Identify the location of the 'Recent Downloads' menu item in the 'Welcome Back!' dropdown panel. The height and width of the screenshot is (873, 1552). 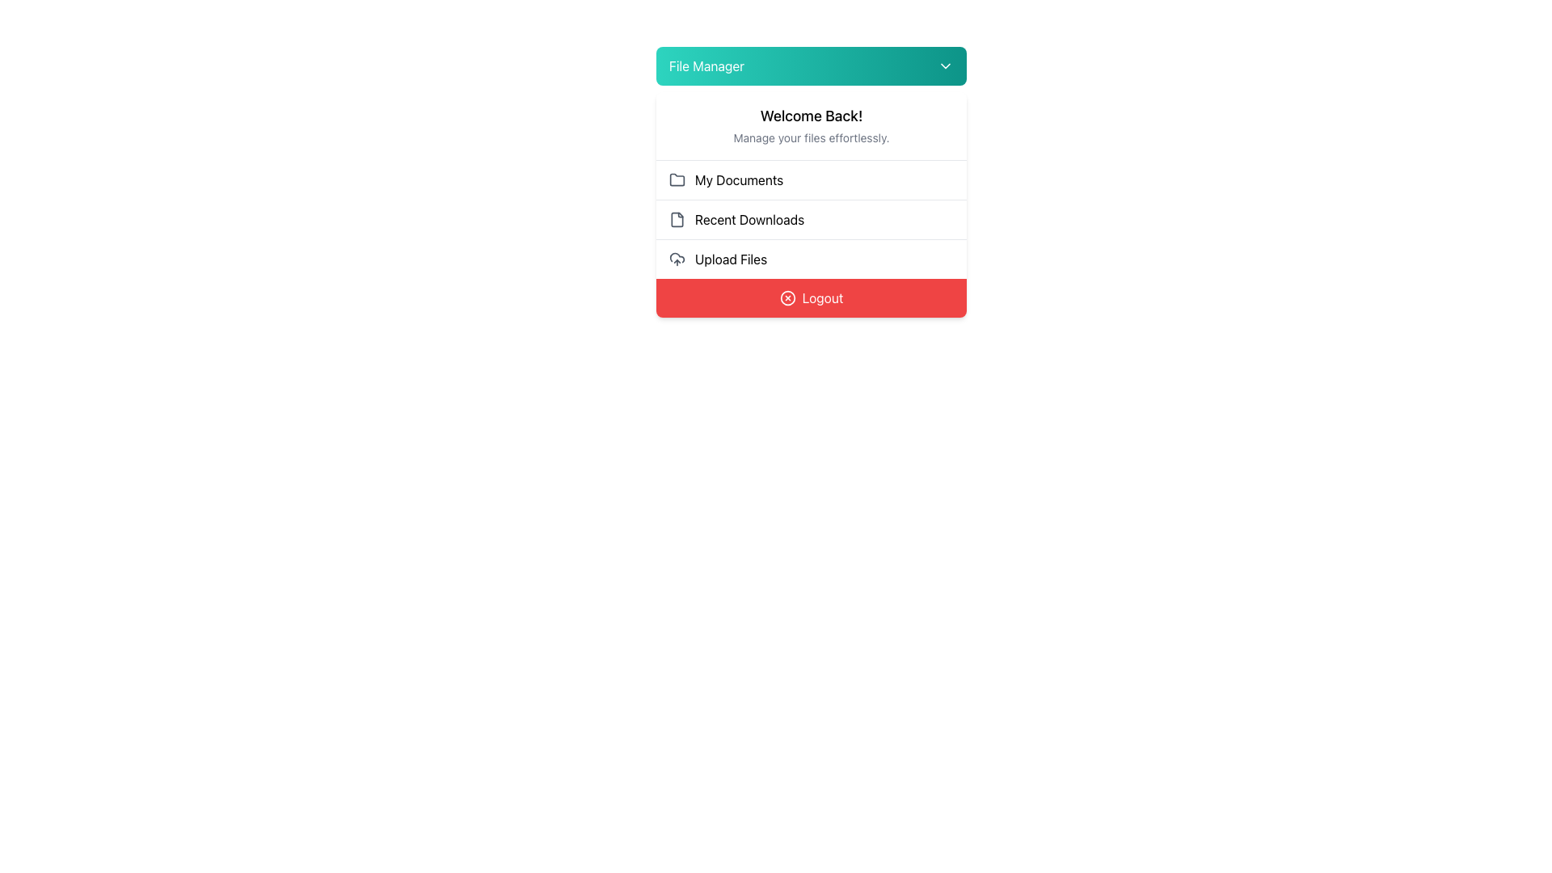
(811, 204).